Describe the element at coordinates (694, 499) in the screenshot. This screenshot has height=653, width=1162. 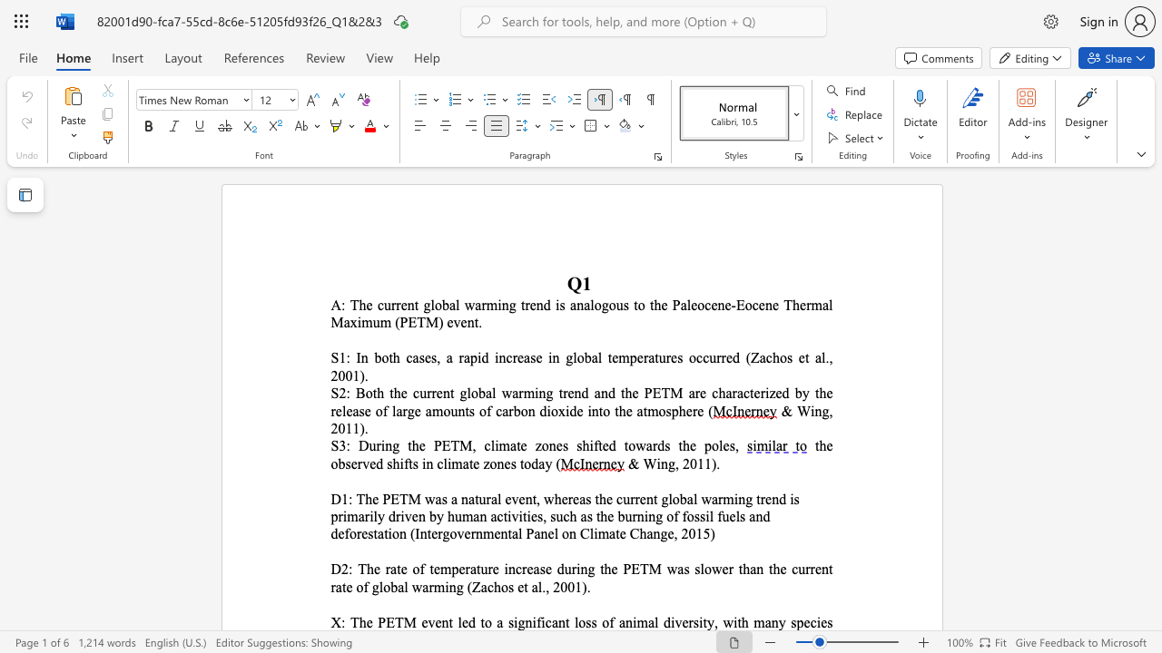
I see `the 2th character "l" in the text` at that location.